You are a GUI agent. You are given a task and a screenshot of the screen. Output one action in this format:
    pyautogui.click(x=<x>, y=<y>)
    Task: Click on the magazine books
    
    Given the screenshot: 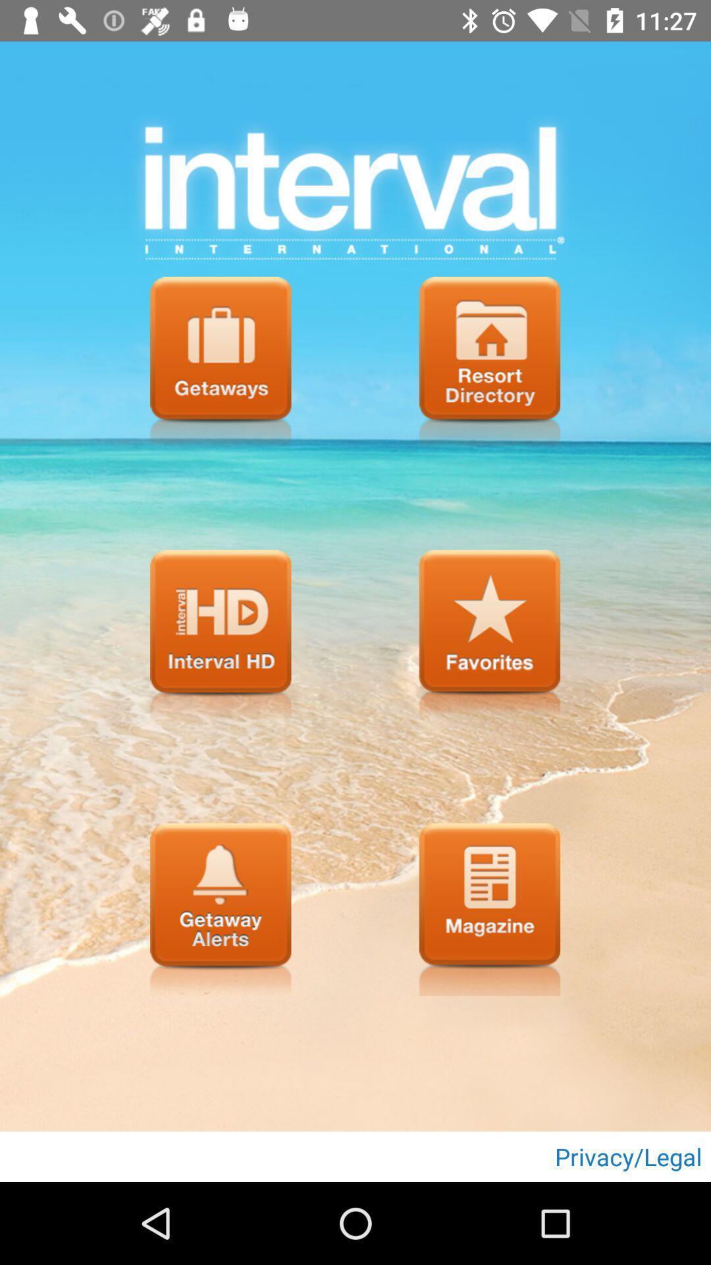 What is the action you would take?
    pyautogui.click(x=490, y=909)
    